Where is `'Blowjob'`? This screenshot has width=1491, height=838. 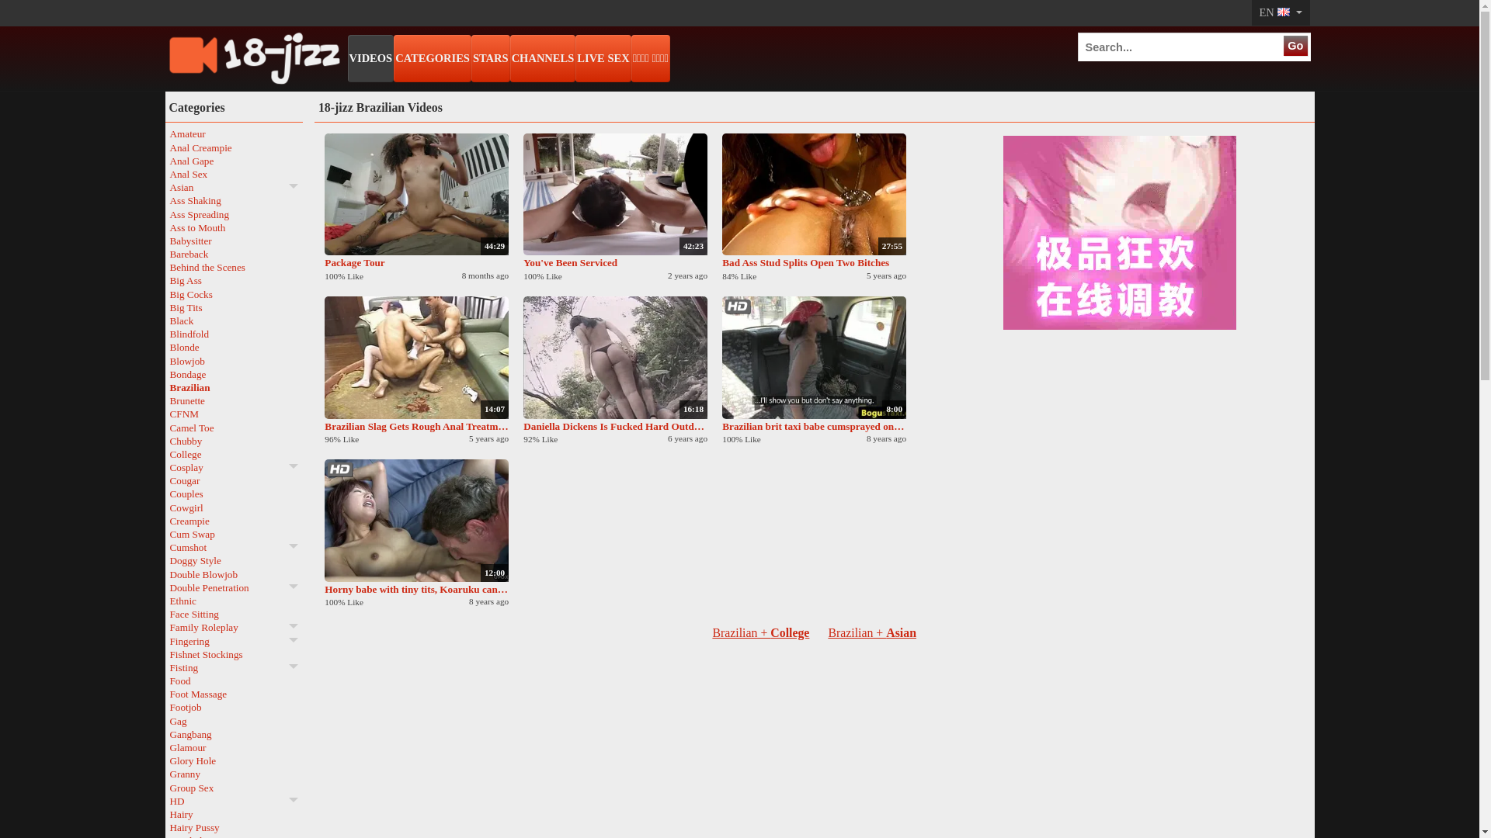
'Blowjob' is located at coordinates (169, 361).